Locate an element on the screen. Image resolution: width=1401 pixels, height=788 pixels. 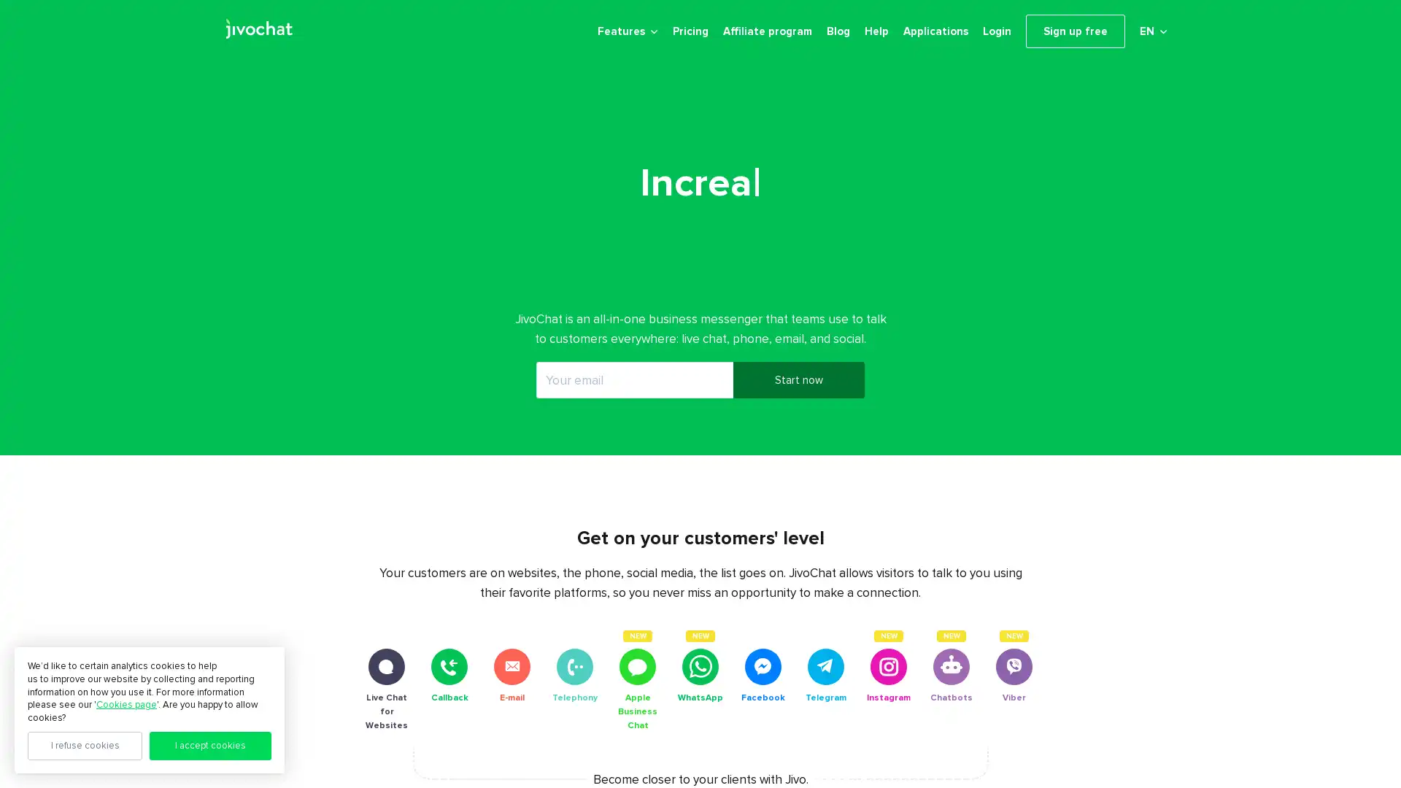
Choose File is located at coordinates (1166, 767).